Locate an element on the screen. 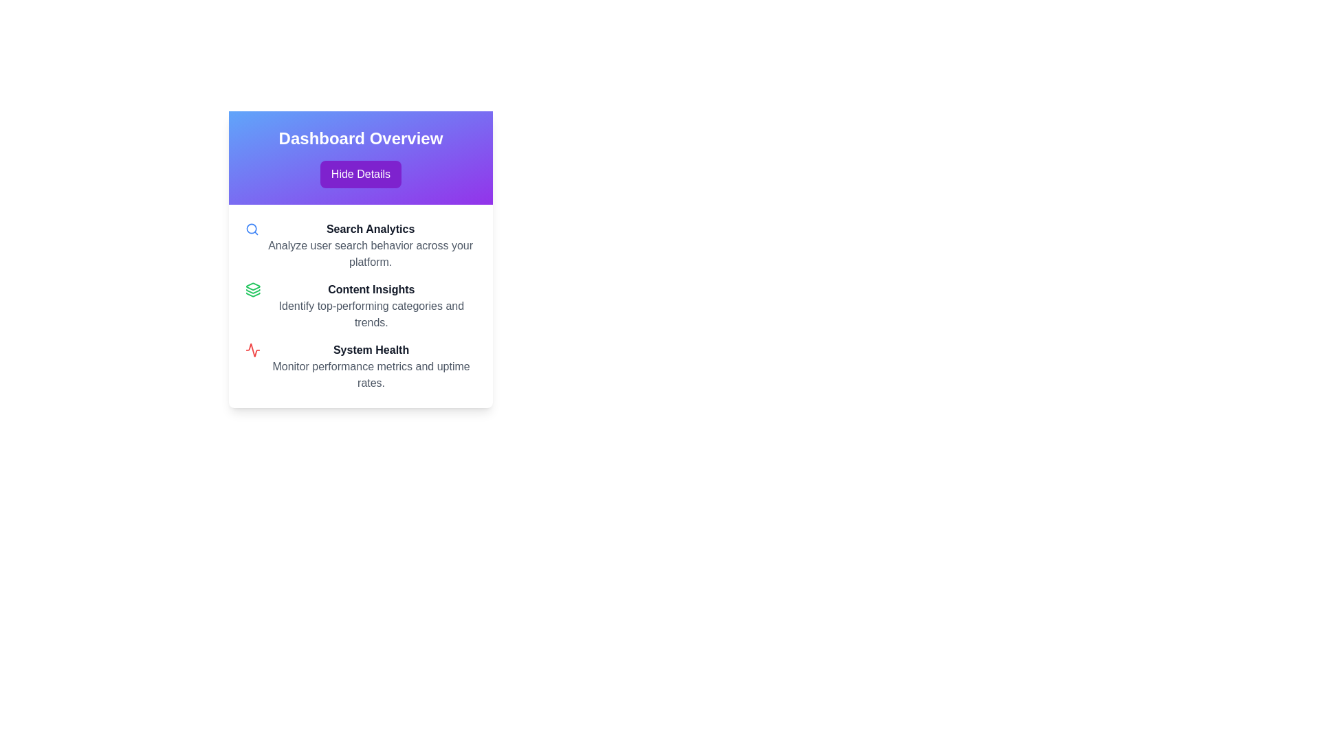  the second entry of the informational list item that provides insights about top-performing categories and trends for analytics is located at coordinates (360, 306).